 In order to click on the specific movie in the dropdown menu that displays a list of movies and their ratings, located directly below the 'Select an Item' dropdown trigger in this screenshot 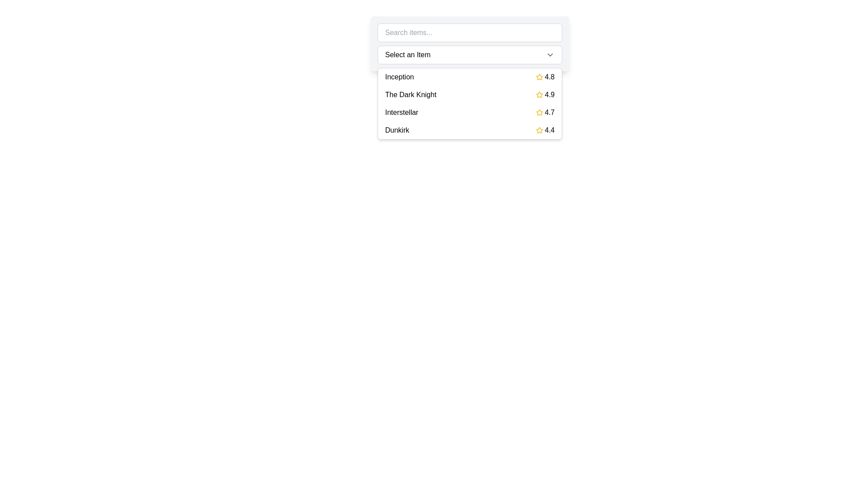, I will do `click(469, 103)`.